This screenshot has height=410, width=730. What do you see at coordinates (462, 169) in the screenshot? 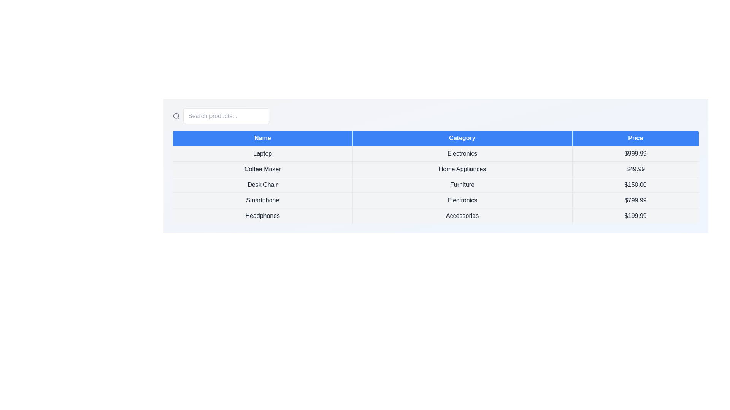
I see `the 'Coffee Maker' Text Label in the 'Category' column of the table, which provides contextual information about the item` at bounding box center [462, 169].